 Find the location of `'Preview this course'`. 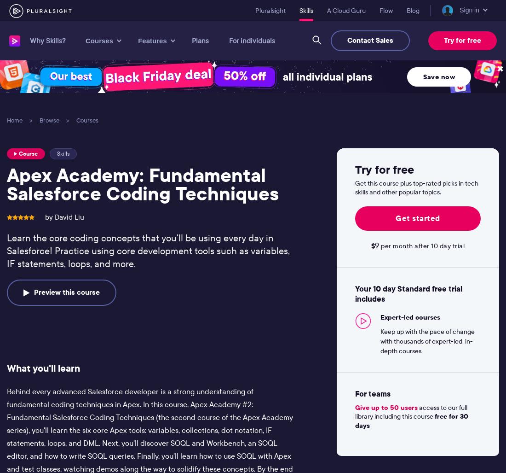

'Preview this course' is located at coordinates (34, 292).